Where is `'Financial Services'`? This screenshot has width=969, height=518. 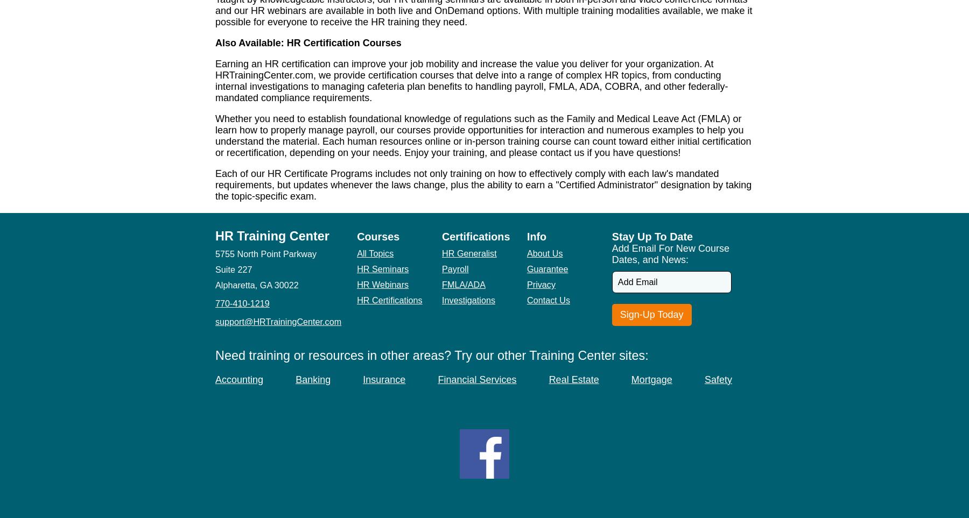
'Financial Services' is located at coordinates (476, 379).